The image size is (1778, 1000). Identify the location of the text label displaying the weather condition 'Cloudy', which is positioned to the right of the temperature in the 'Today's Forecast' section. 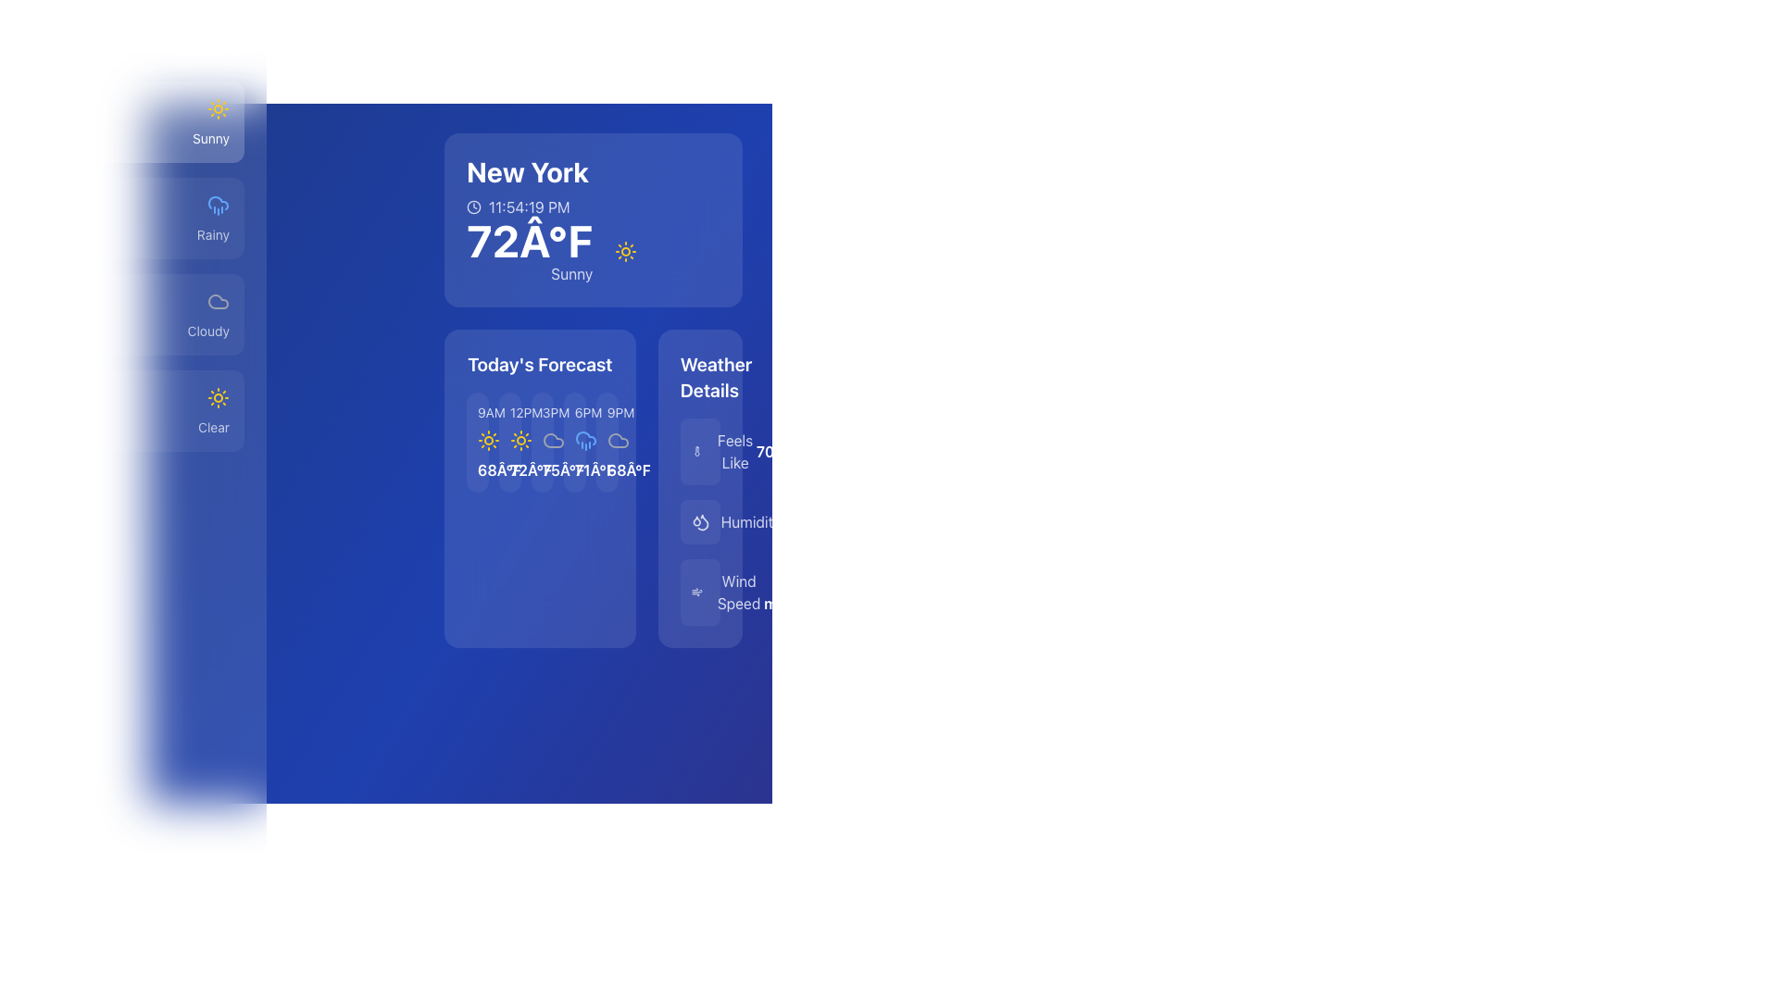
(208, 331).